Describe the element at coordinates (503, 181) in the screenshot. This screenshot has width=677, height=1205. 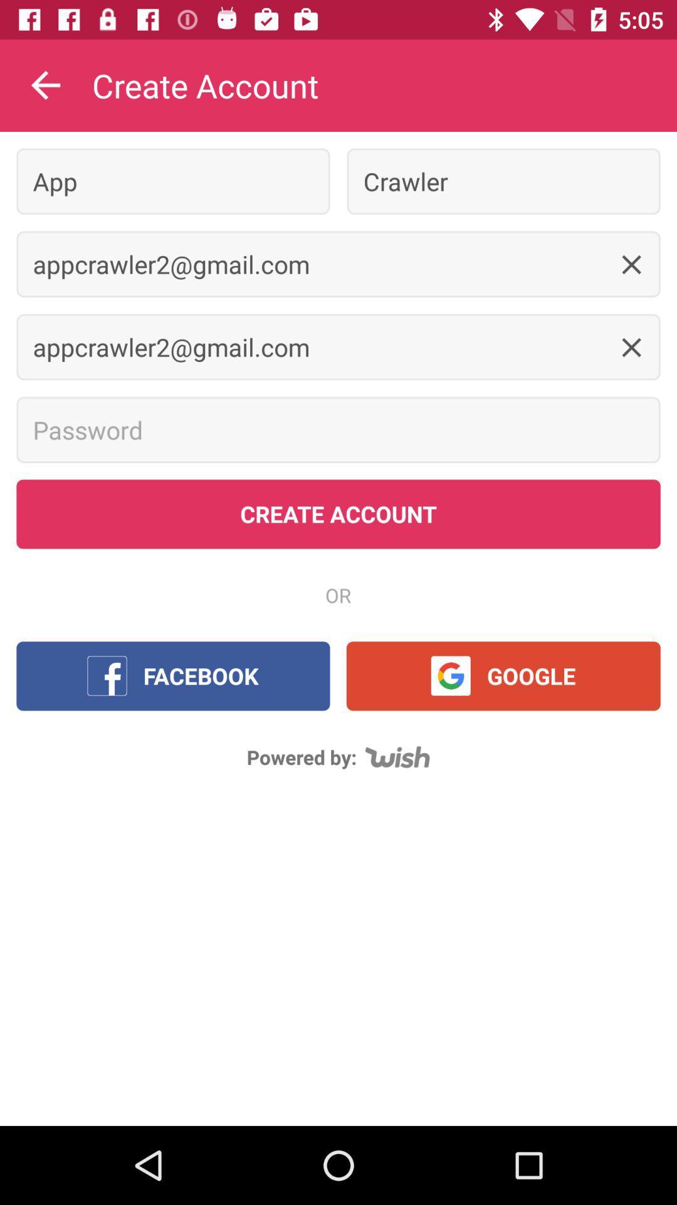
I see `the item above the appcrawler2@gmail.com icon` at that location.